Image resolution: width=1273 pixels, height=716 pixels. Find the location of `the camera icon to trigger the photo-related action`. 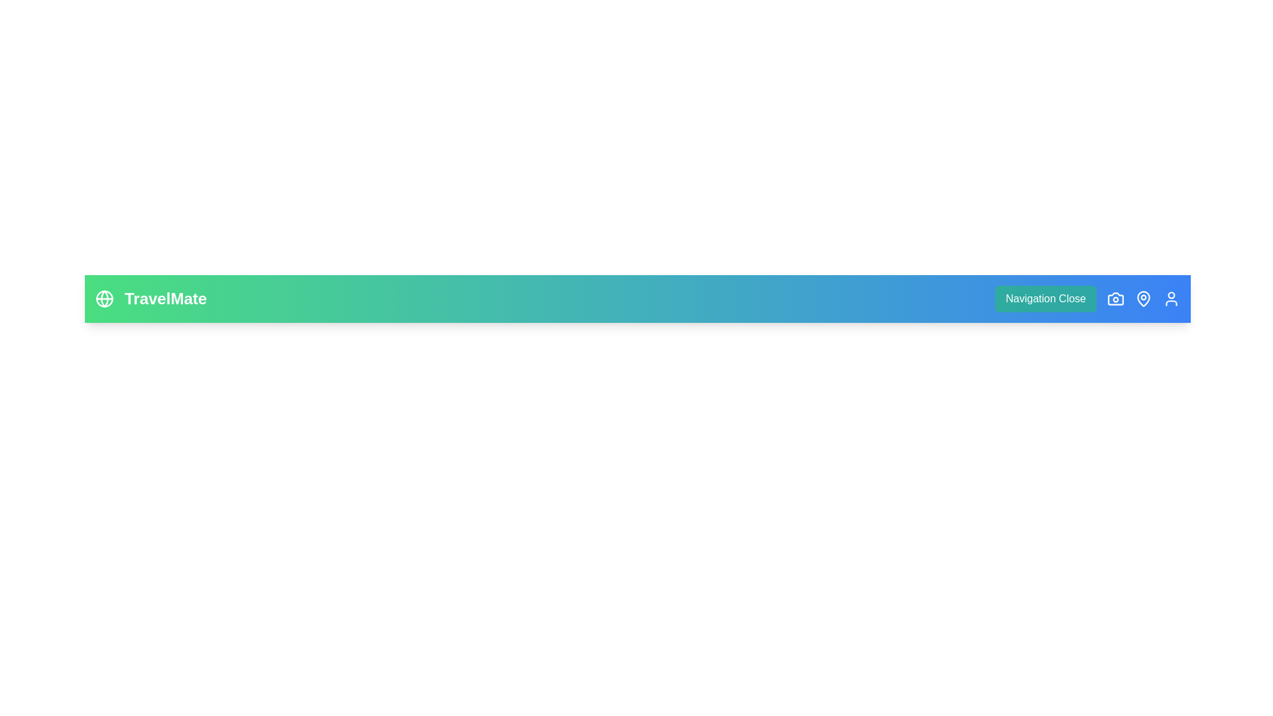

the camera icon to trigger the photo-related action is located at coordinates (1115, 299).